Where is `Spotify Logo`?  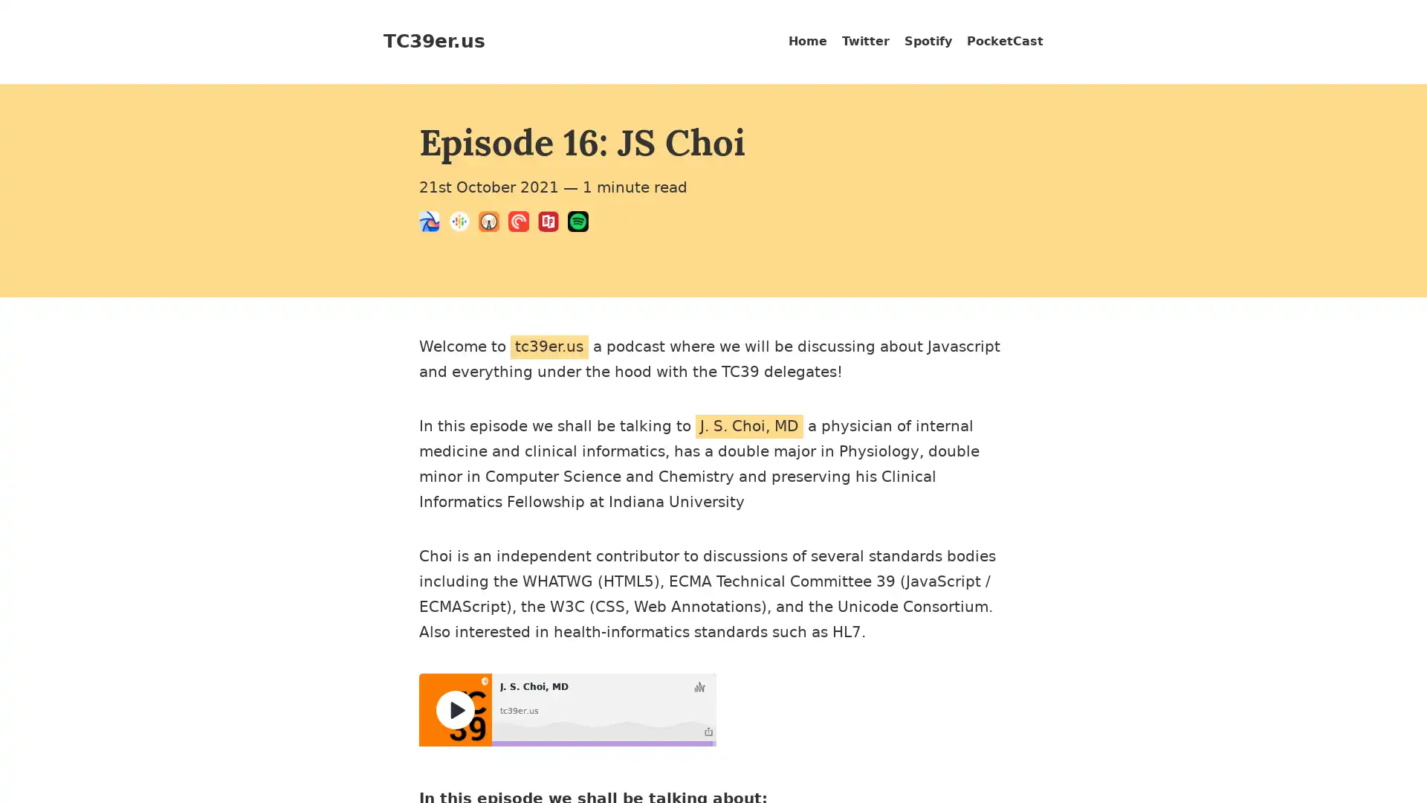
Spotify Logo is located at coordinates (581, 224).